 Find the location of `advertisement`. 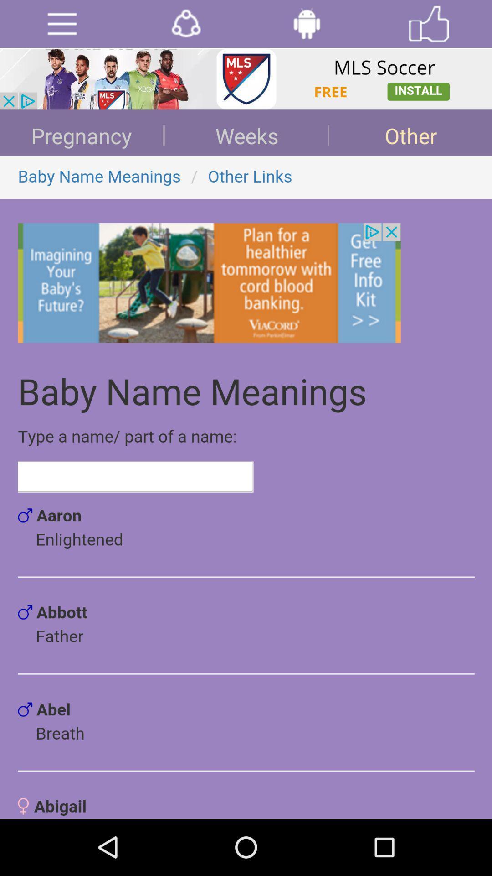

advertisement is located at coordinates (61, 24).